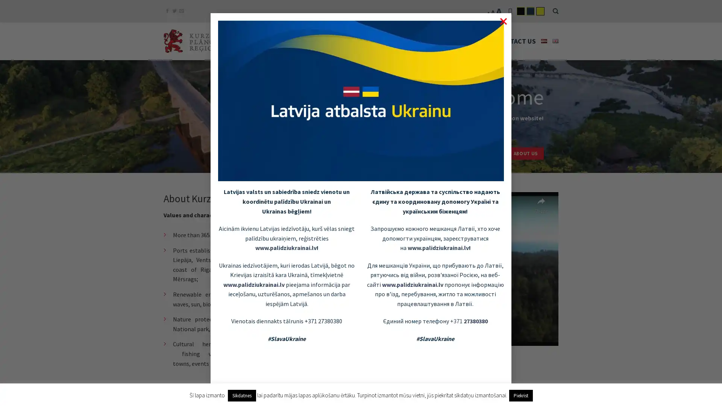 This screenshot has width=722, height=406. Describe the element at coordinates (698, 116) in the screenshot. I see `next` at that location.